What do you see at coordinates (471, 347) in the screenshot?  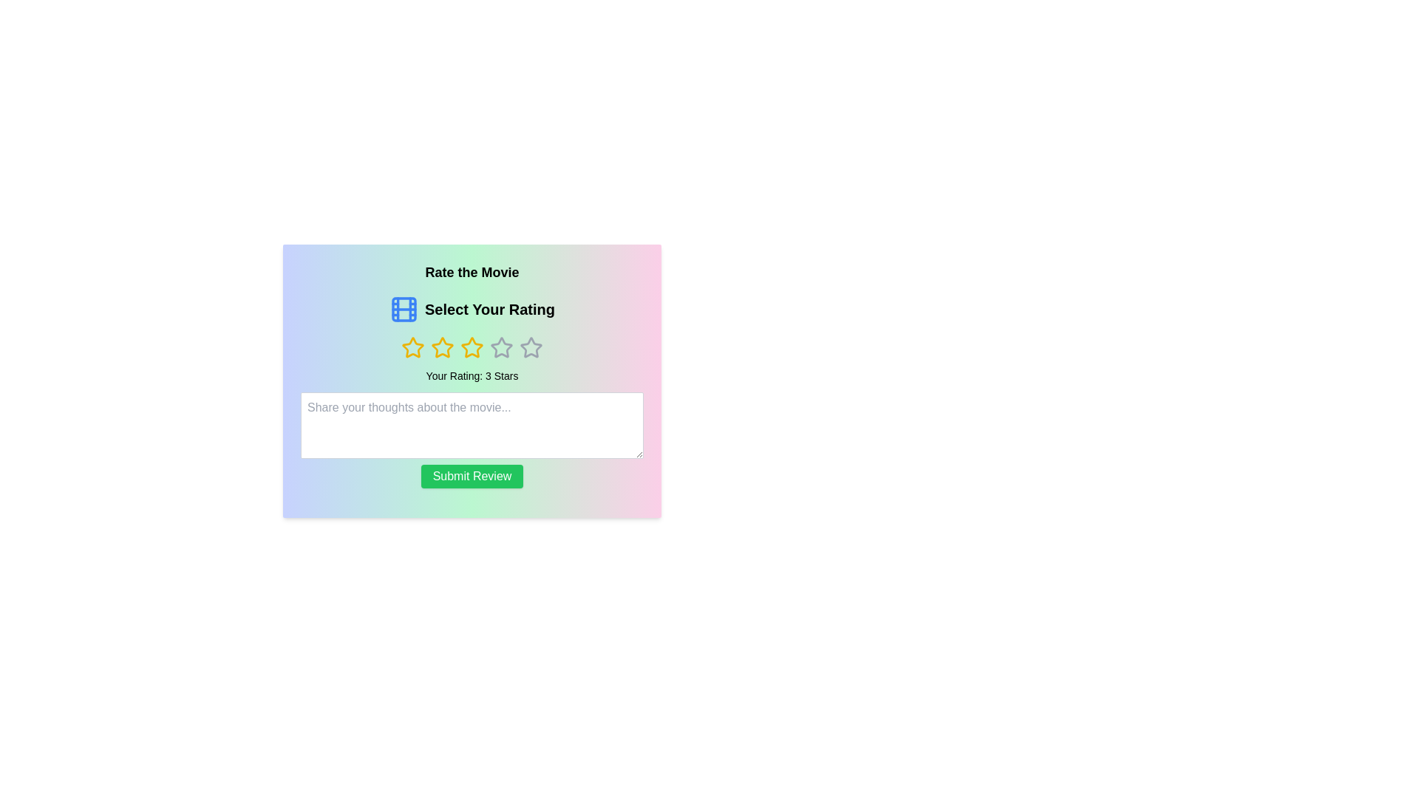 I see `the third star icon in the rating component to select a rating of 3 stars` at bounding box center [471, 347].